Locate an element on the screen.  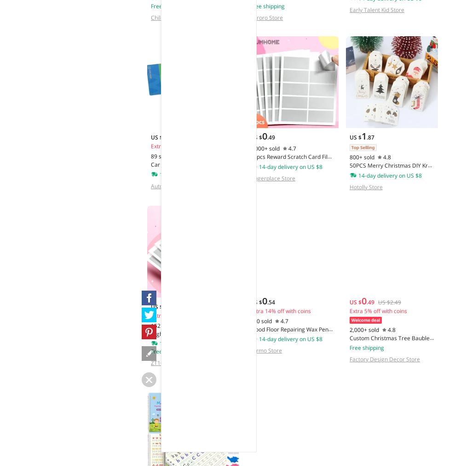
'Early Talent Kid Store' is located at coordinates (376, 9).